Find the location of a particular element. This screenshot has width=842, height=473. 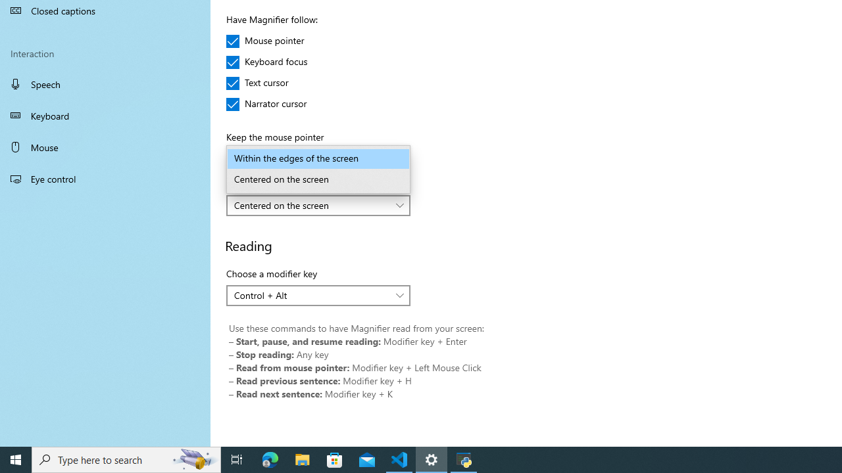

'Keep the text cursor' is located at coordinates (318, 205).